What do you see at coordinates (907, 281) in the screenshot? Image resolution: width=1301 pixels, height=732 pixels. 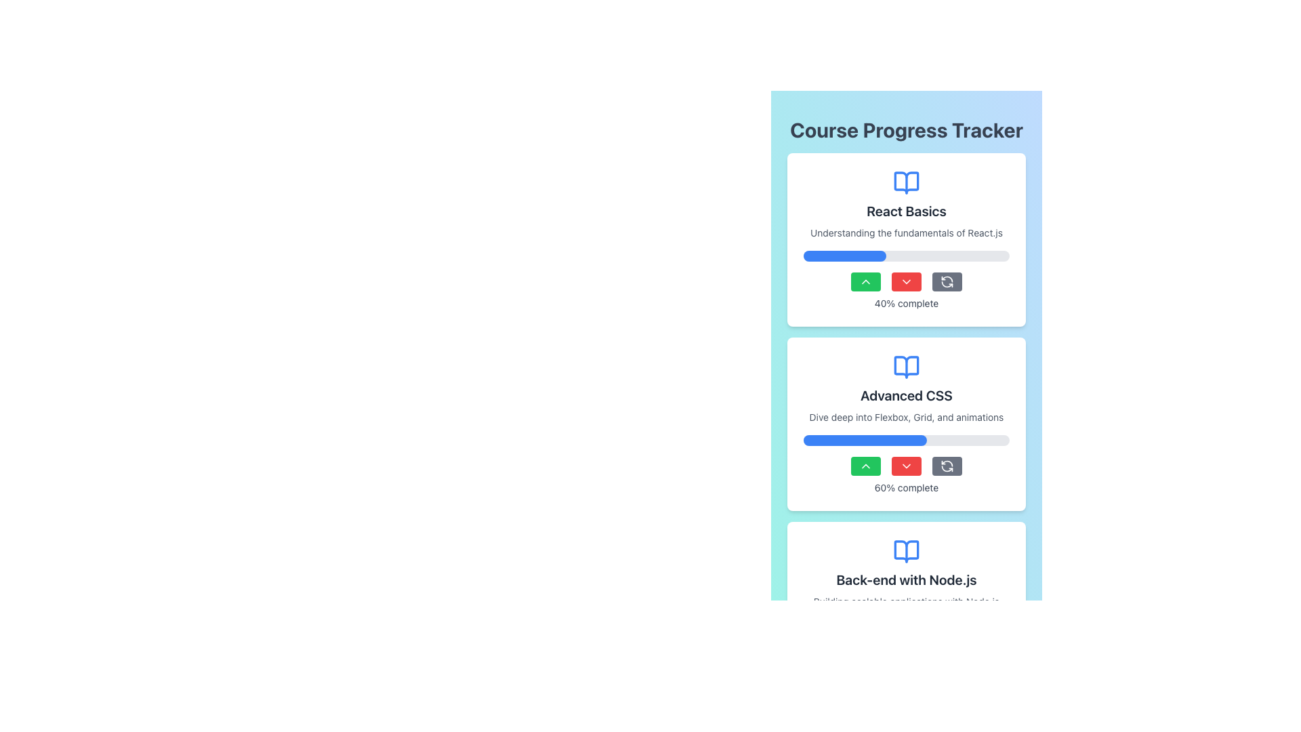 I see `the second button in the card titled 'React Basics'` at bounding box center [907, 281].